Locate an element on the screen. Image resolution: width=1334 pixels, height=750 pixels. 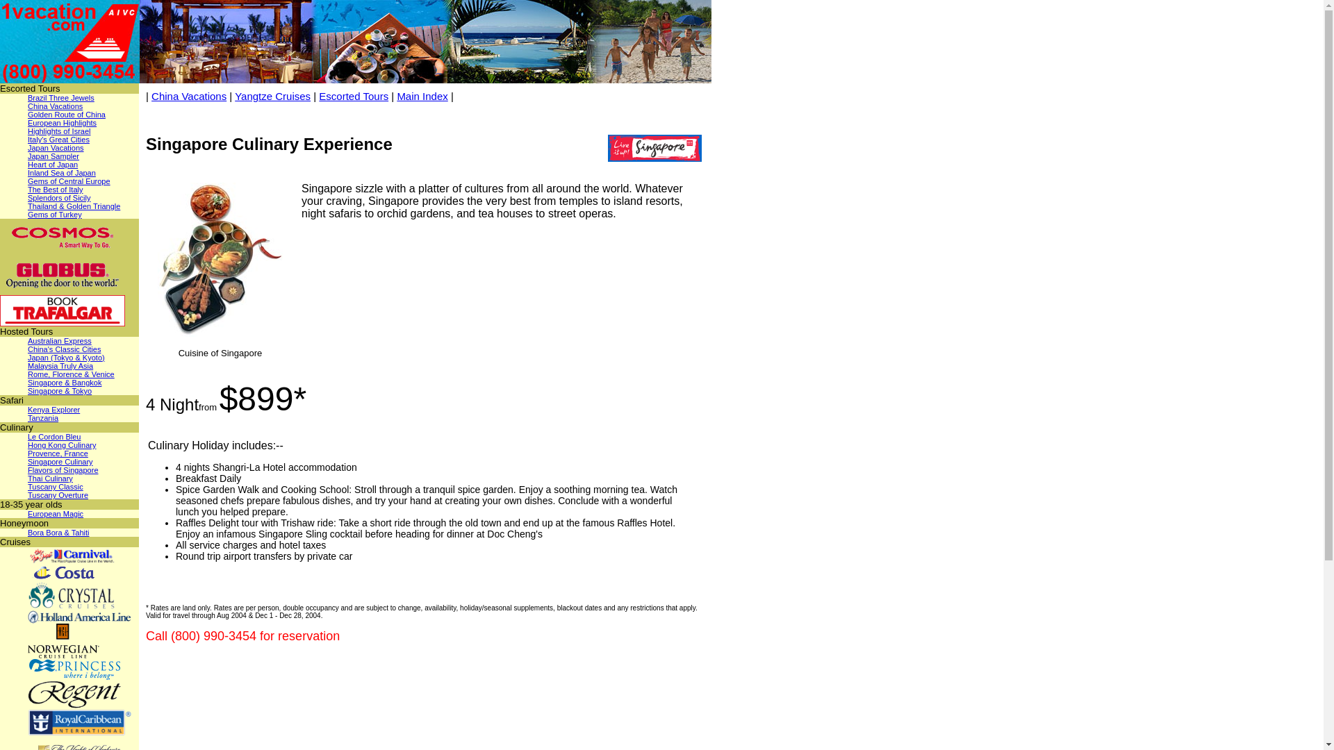
'Malaysia Truly Asia' is located at coordinates (59, 365).